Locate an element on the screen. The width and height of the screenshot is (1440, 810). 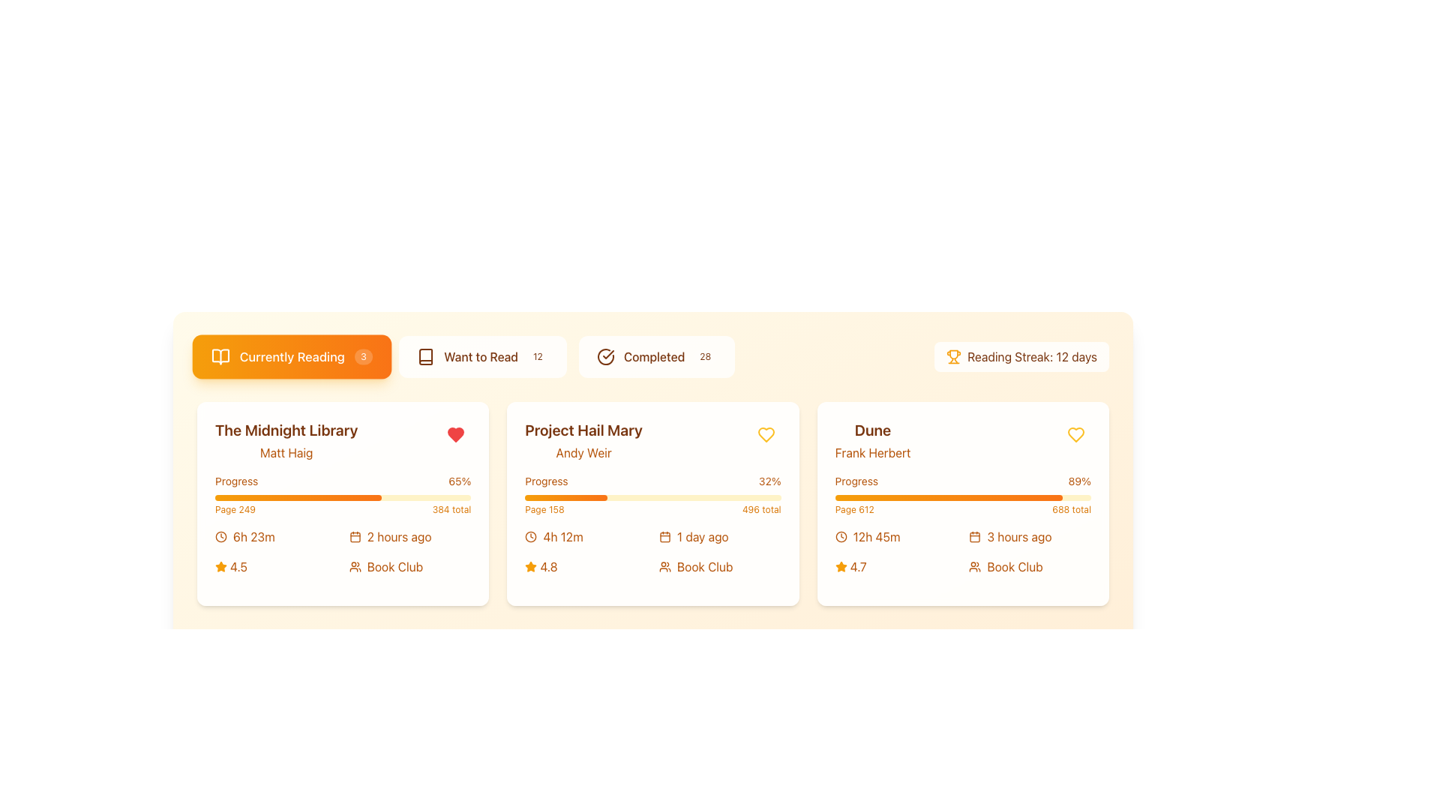
the progress bar representing the reading progress of the book 'Dune', which shows that 89% of the book has been read is located at coordinates (948, 497).